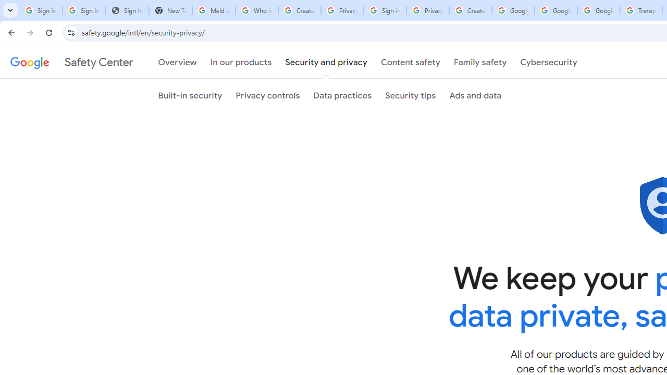 Image resolution: width=667 pixels, height=375 pixels. What do you see at coordinates (342, 95) in the screenshot?
I see `'Data practices'` at bounding box center [342, 95].